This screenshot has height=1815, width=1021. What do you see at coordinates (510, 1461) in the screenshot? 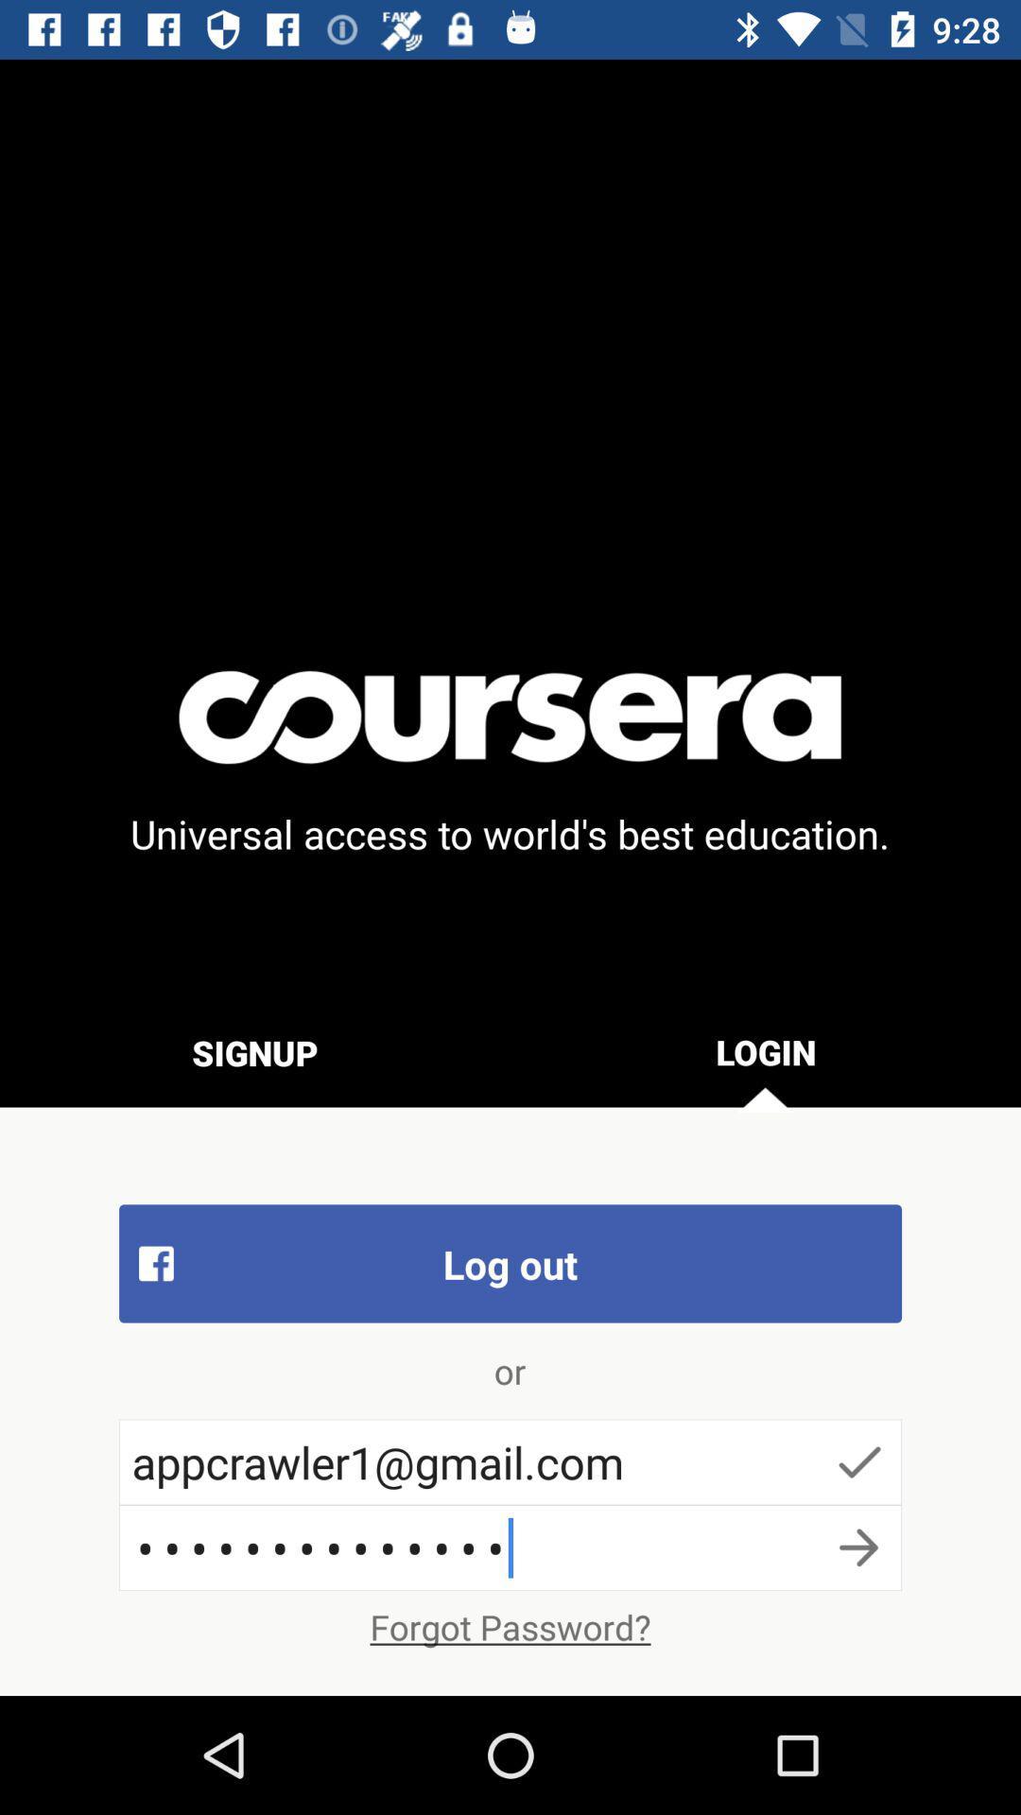
I see `the appcrawler1@gmail.com item` at bounding box center [510, 1461].